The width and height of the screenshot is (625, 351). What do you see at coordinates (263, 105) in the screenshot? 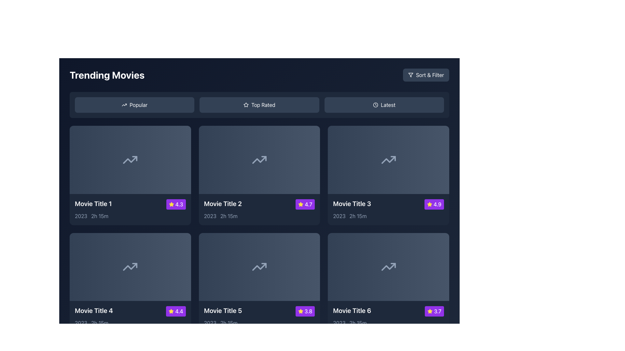
I see `the 'Top Rated' tab text label, which is the second button in a horizontal row of three buttons at the top center of the interface` at bounding box center [263, 105].